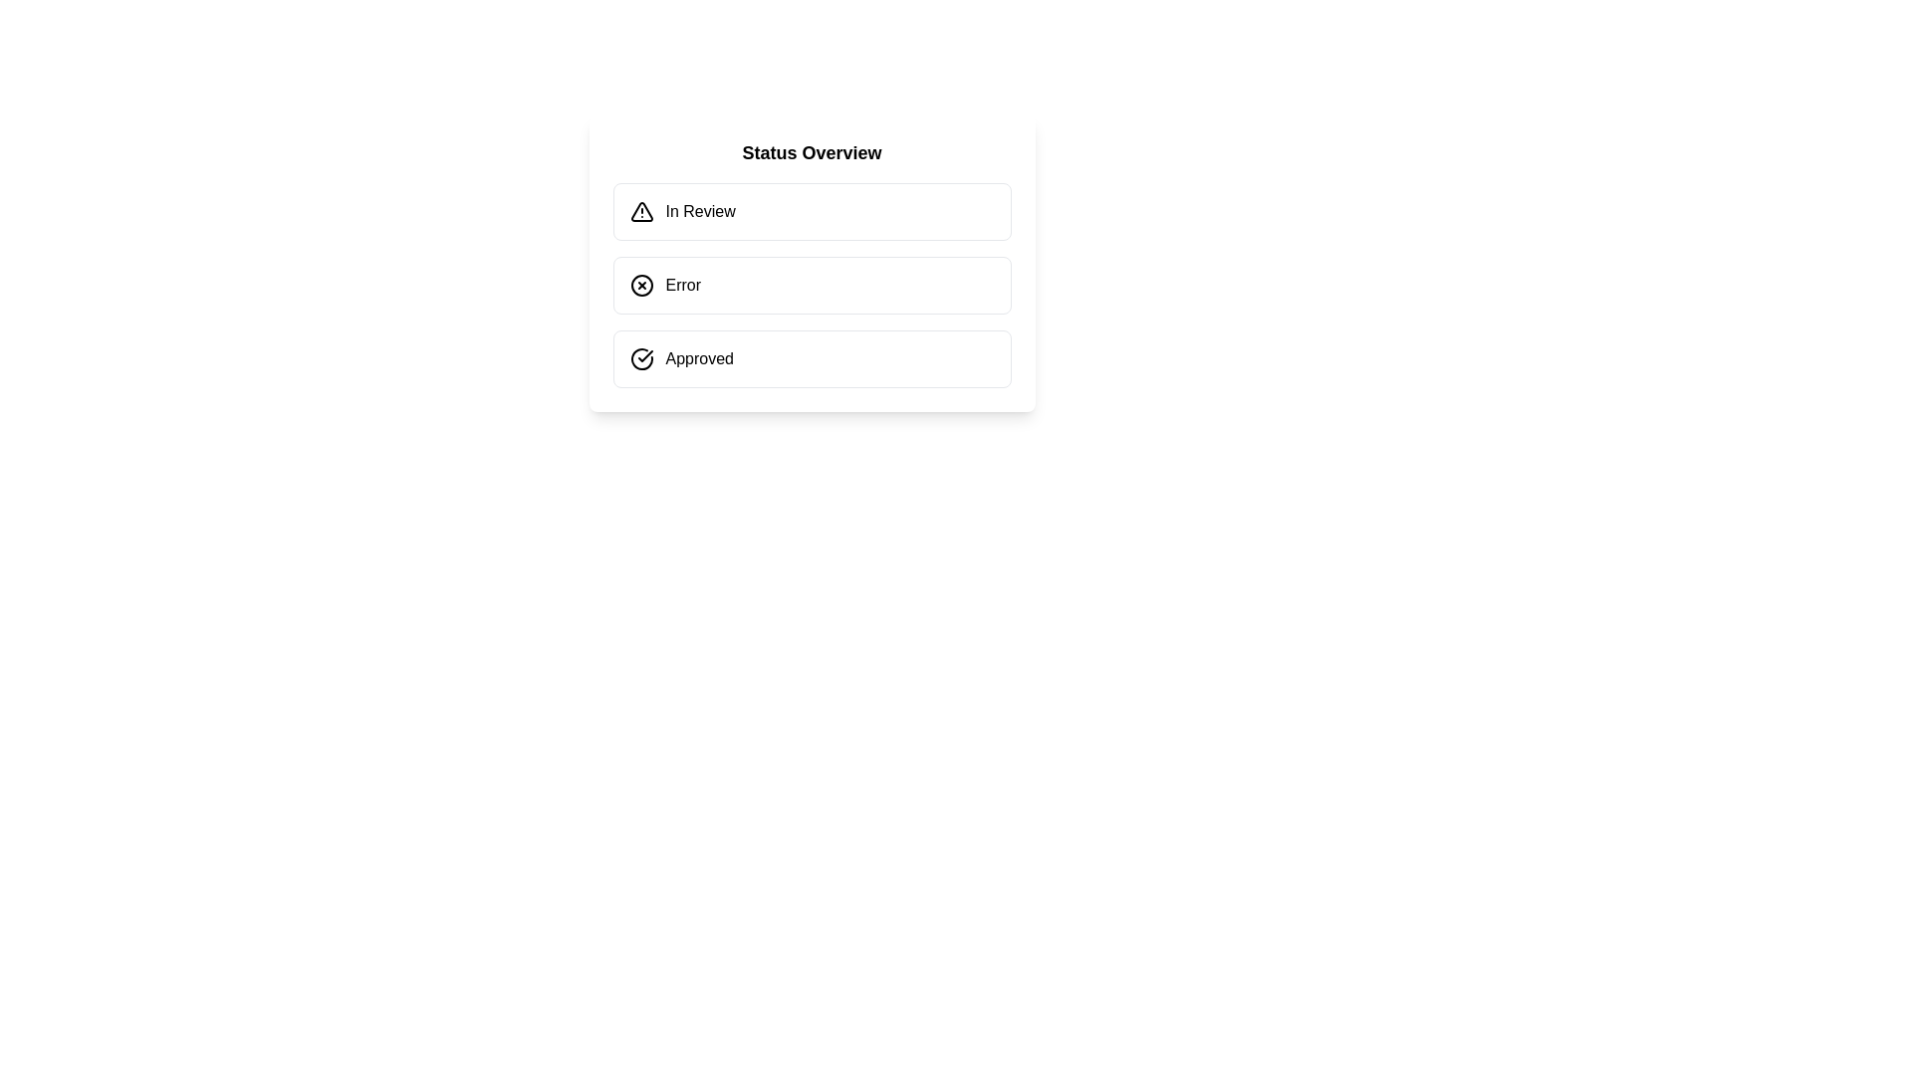 Image resolution: width=1912 pixels, height=1075 pixels. I want to click on the alert icon that signifies the 'In Review' status, located in the first row of the vertically-stacked menu list, before the text labeled 'In Review' in the 'Status Overview' widget, so click(641, 211).